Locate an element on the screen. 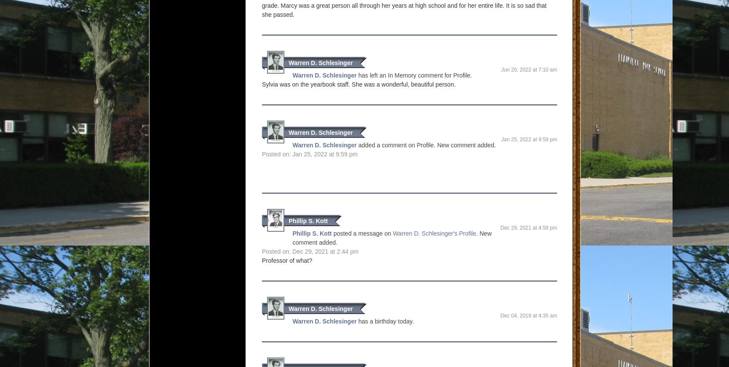 The width and height of the screenshot is (729, 367). 'Dec 04, 2019 at' is located at coordinates (500, 315).